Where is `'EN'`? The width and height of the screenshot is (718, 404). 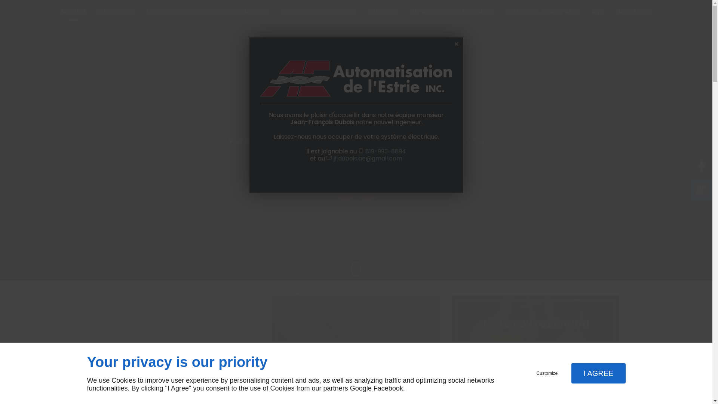
'EN' is located at coordinates (368, 191).